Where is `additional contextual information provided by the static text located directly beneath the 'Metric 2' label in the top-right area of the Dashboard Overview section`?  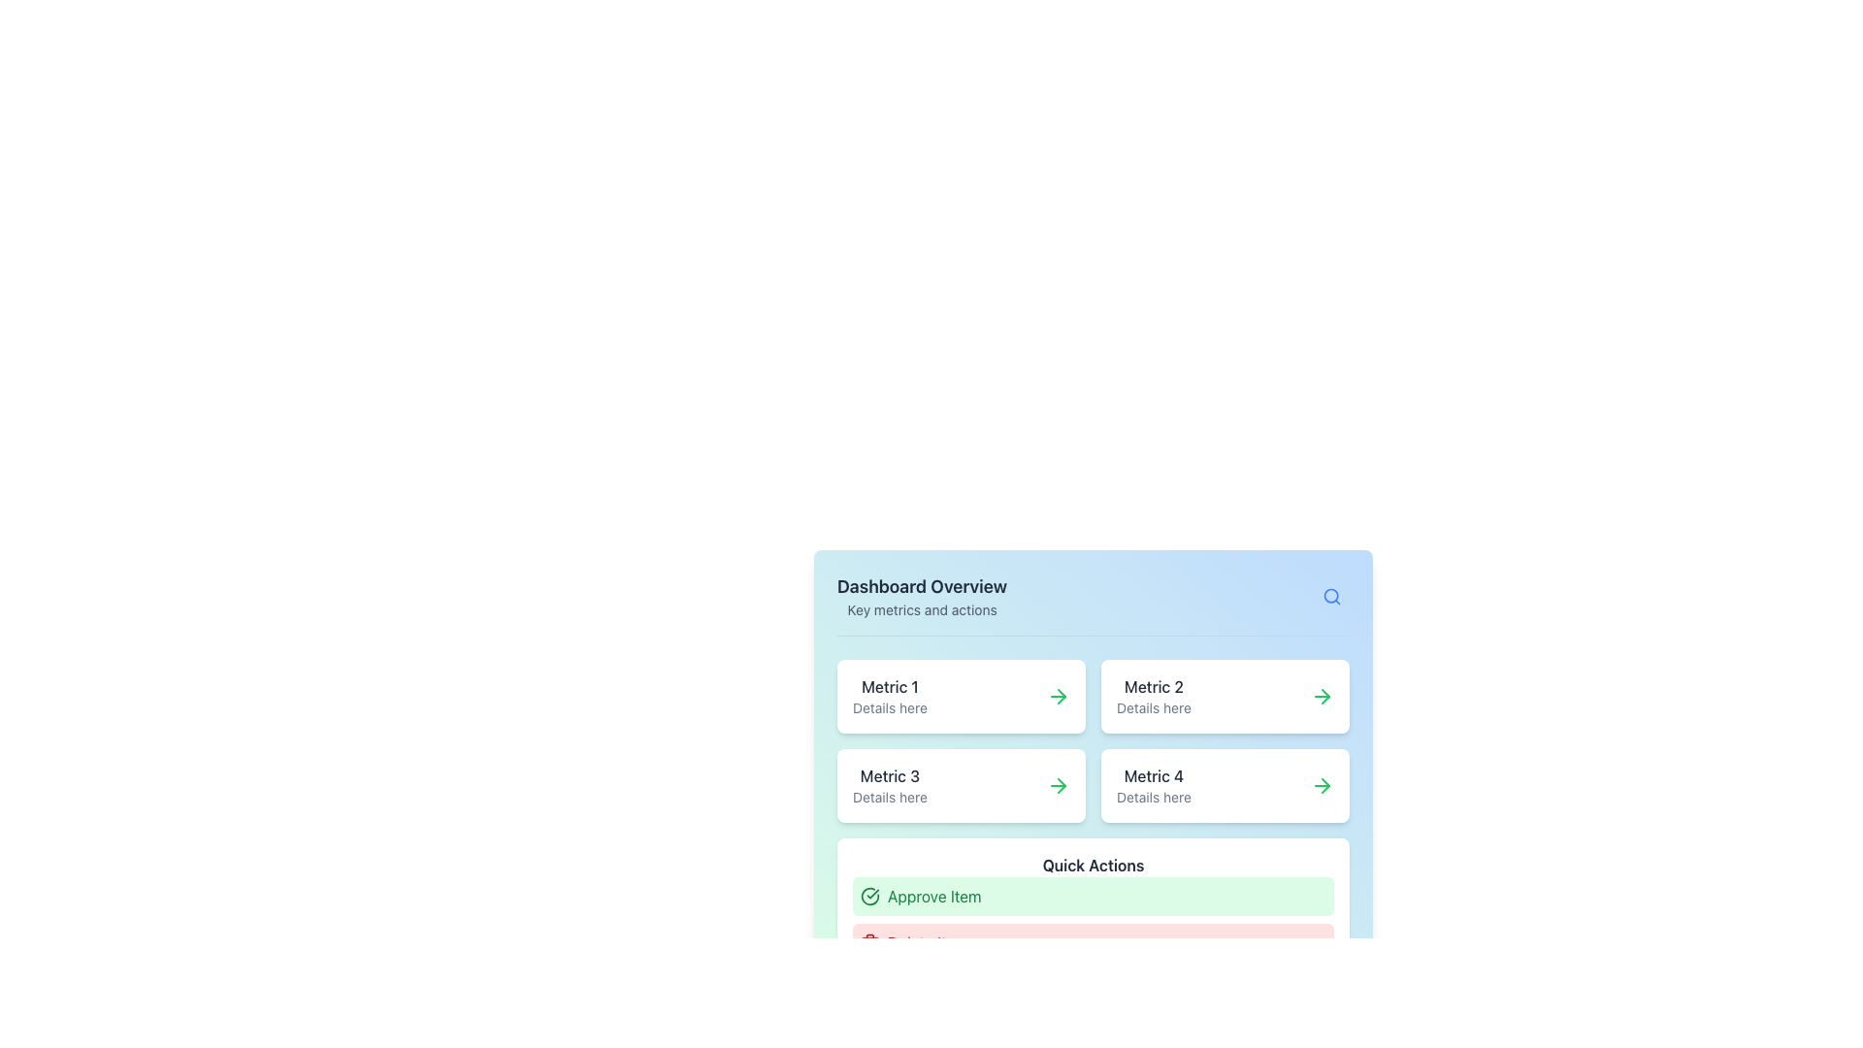
additional contextual information provided by the static text located directly beneath the 'Metric 2' label in the top-right area of the Dashboard Overview section is located at coordinates (1154, 707).